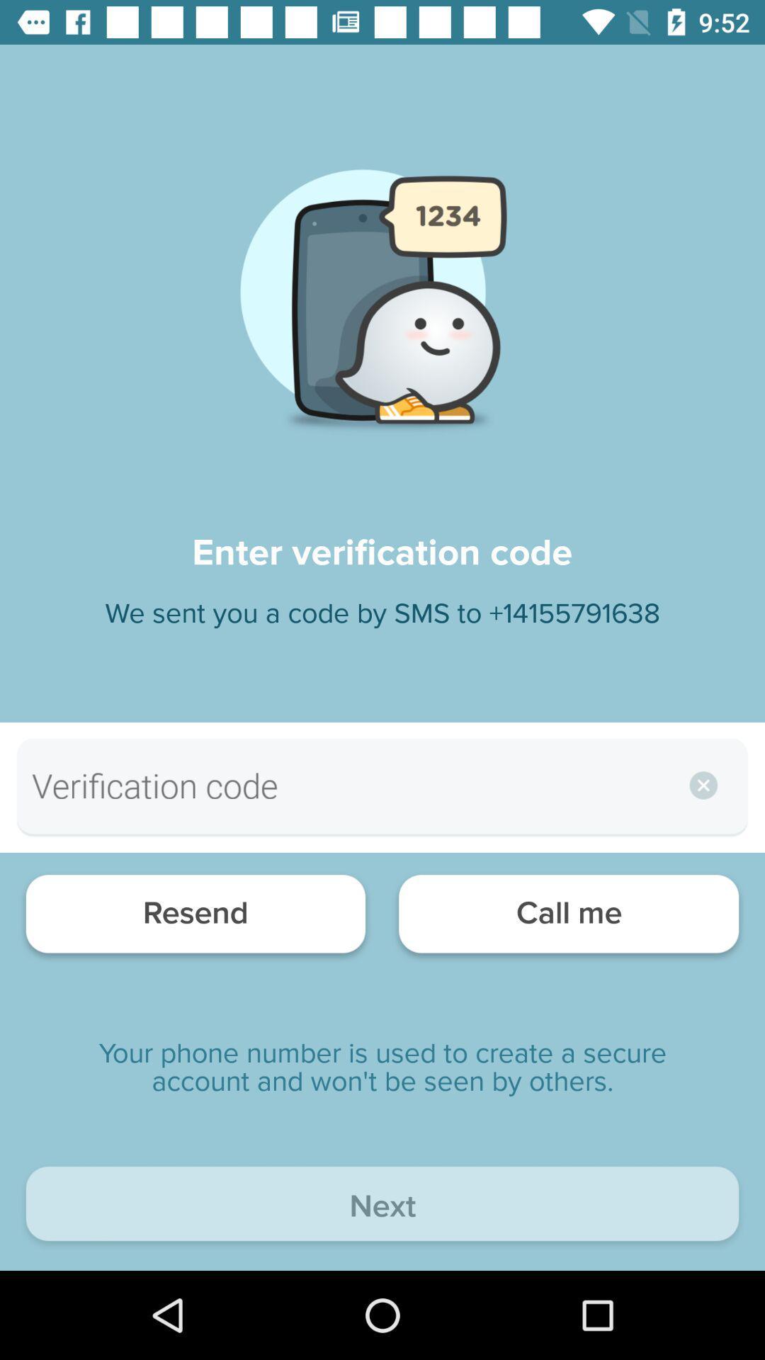 This screenshot has height=1360, width=765. I want to click on the item to the left of the call me item, so click(195, 917).